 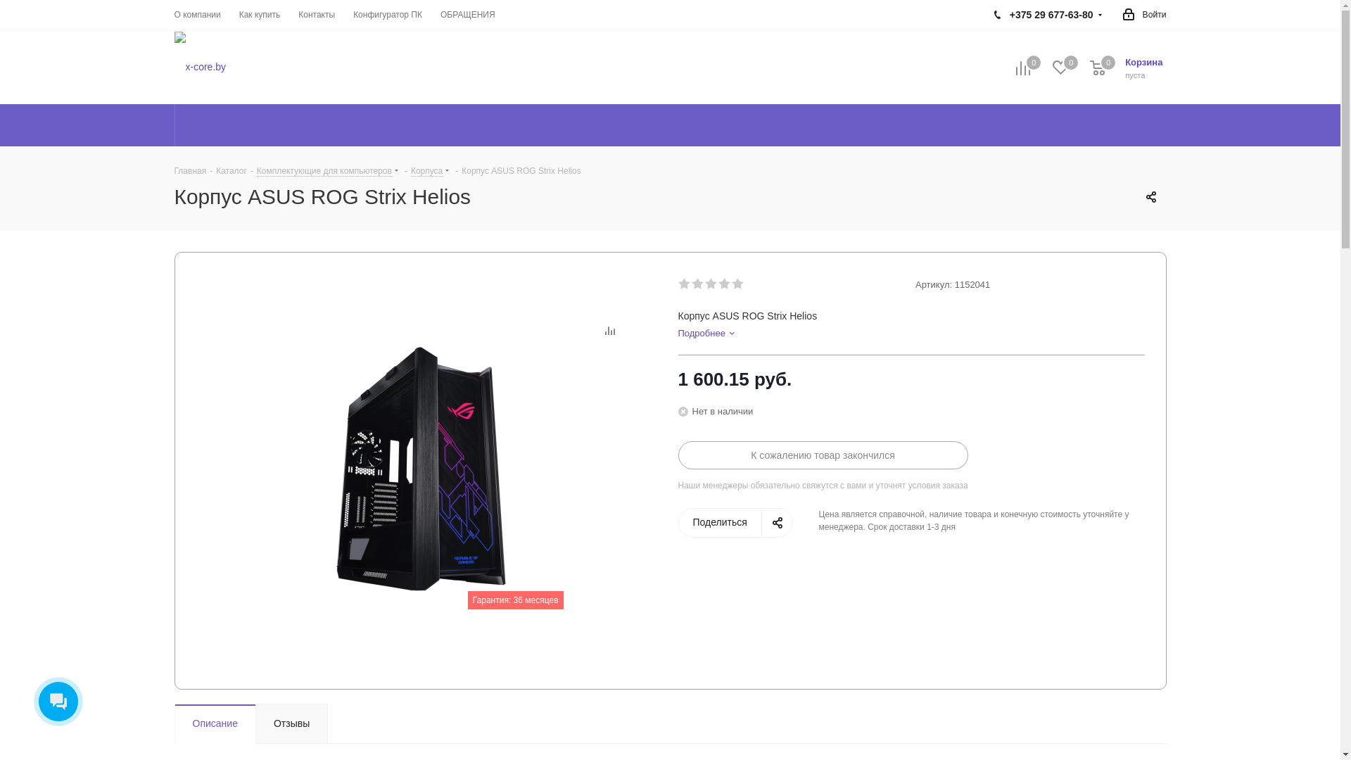 What do you see at coordinates (724, 284) in the screenshot?
I see `'4'` at bounding box center [724, 284].